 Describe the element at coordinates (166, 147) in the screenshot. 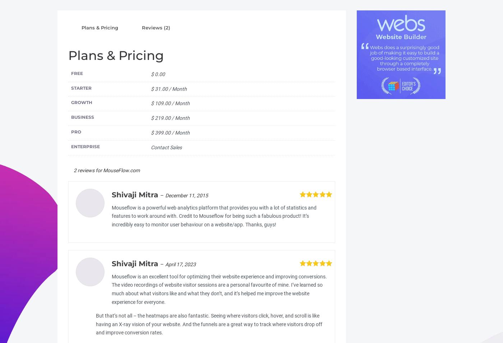

I see `'Contact Sales'` at that location.